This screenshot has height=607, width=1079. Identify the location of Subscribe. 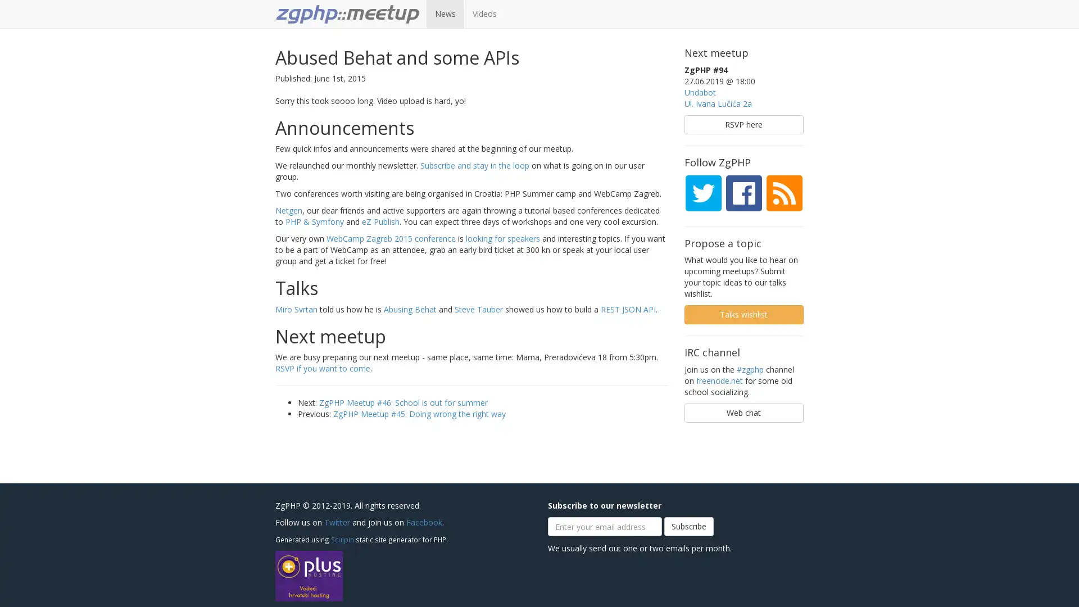
(688, 527).